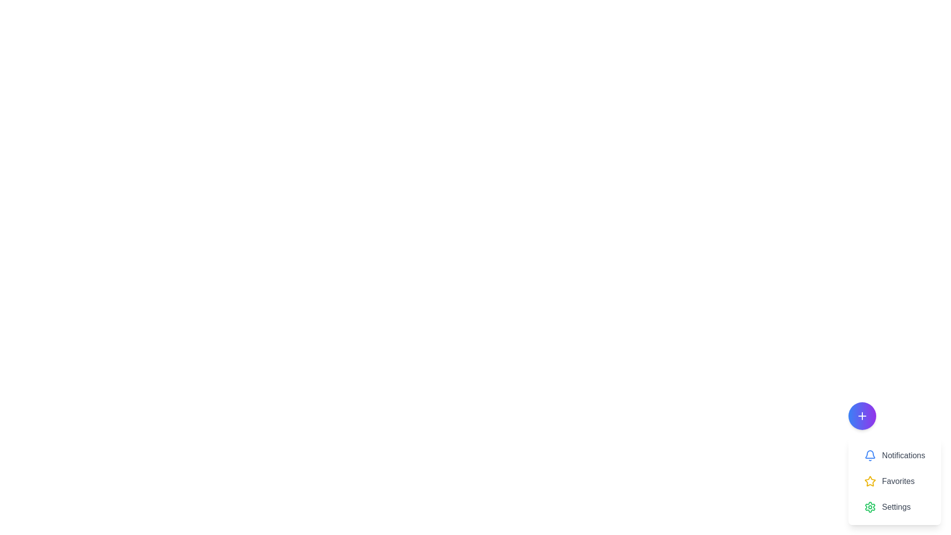 This screenshot has width=951, height=535. What do you see at coordinates (895, 456) in the screenshot?
I see `the Notifications button, which features a blue bell icon and the text label 'Notifications'` at bounding box center [895, 456].